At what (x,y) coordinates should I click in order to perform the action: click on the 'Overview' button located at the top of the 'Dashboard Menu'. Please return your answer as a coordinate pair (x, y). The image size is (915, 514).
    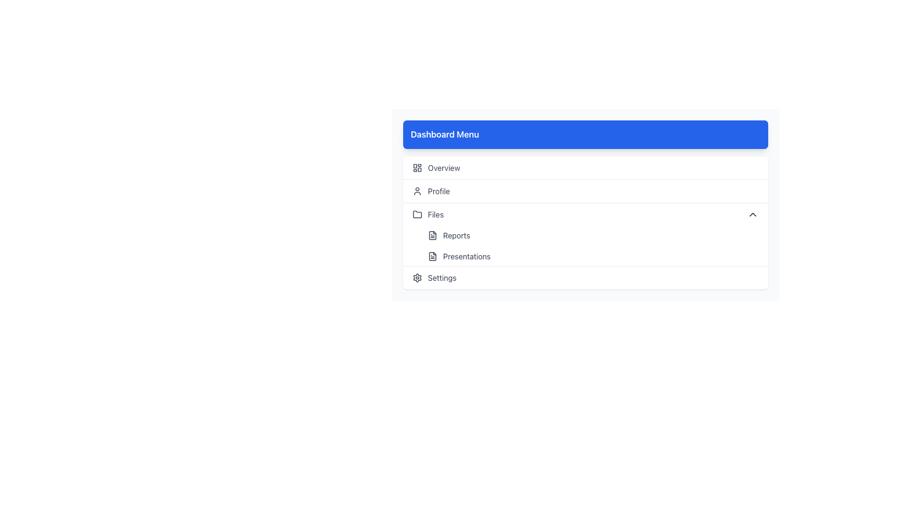
    Looking at the image, I should click on (585, 168).